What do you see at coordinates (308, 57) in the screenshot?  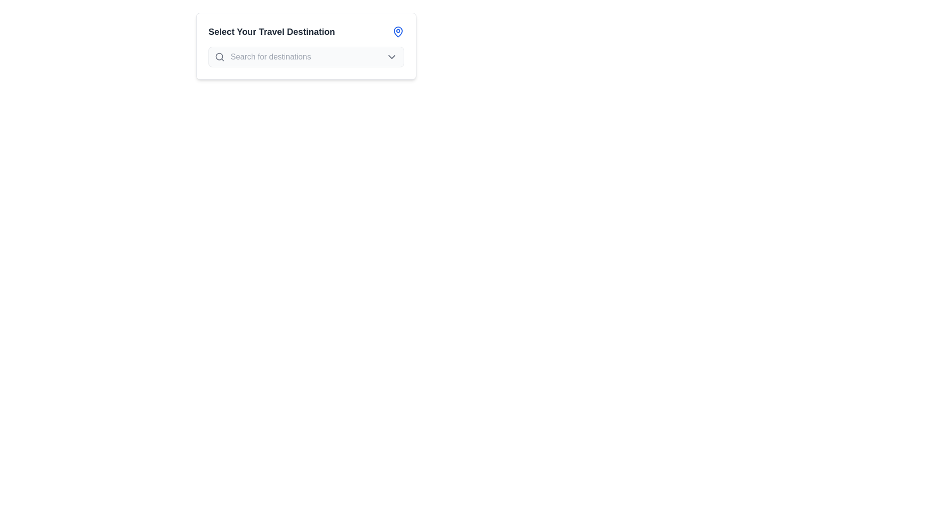 I see `the text input field with placeholder 'Search for destinations' to focus on it` at bounding box center [308, 57].